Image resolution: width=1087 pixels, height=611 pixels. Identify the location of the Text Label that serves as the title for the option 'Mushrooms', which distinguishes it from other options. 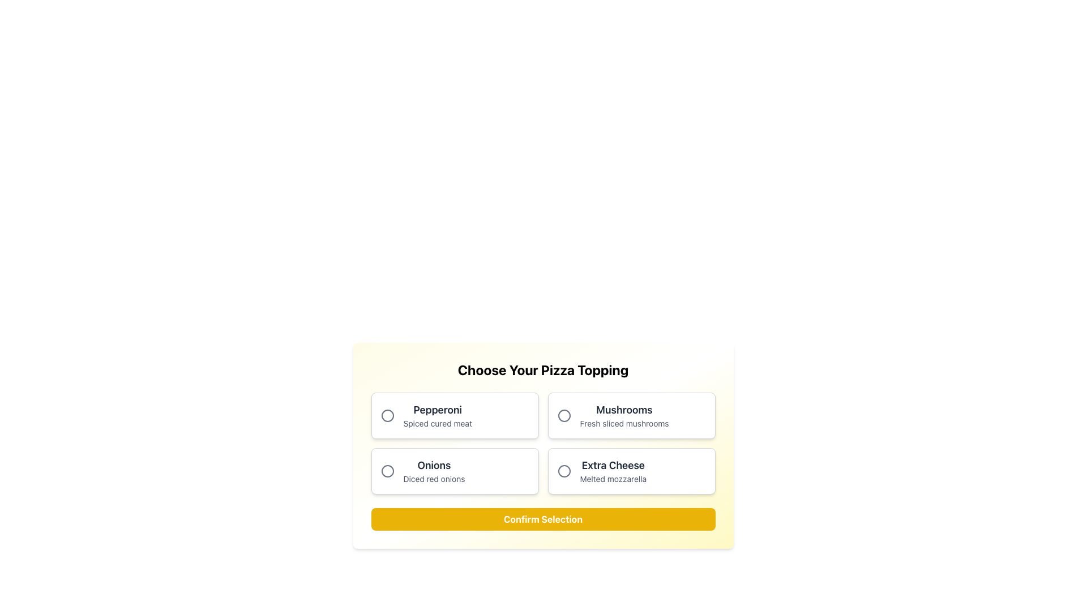
(624, 410).